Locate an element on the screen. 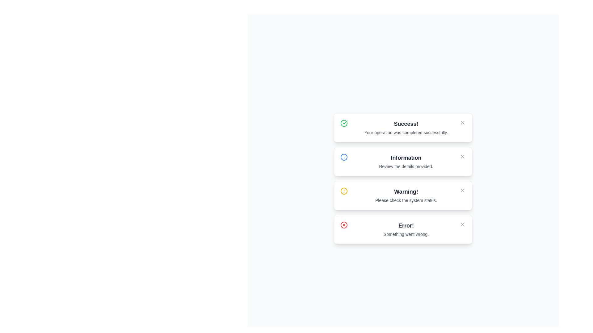 This screenshot has height=333, width=593. the colored line segment resembling an 'X' in the upper right of the 'Information' message panel is located at coordinates (462, 156).